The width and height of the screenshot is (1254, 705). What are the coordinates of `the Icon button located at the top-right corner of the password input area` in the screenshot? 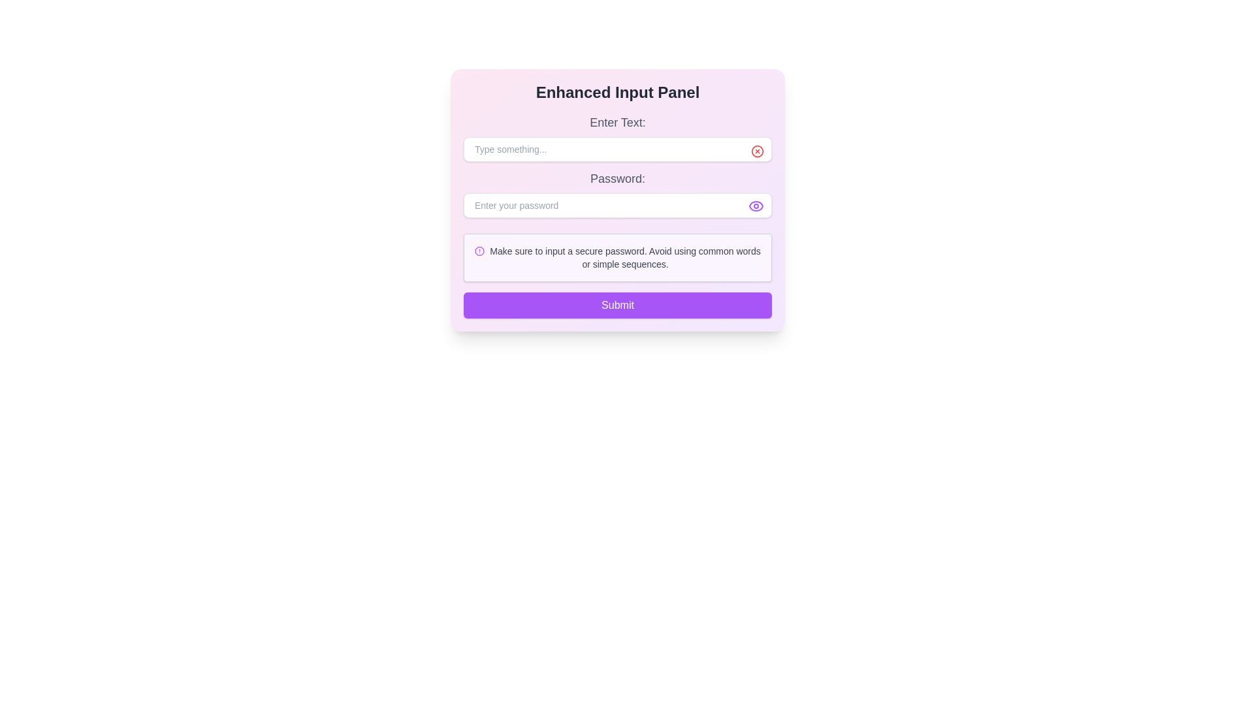 It's located at (756, 206).